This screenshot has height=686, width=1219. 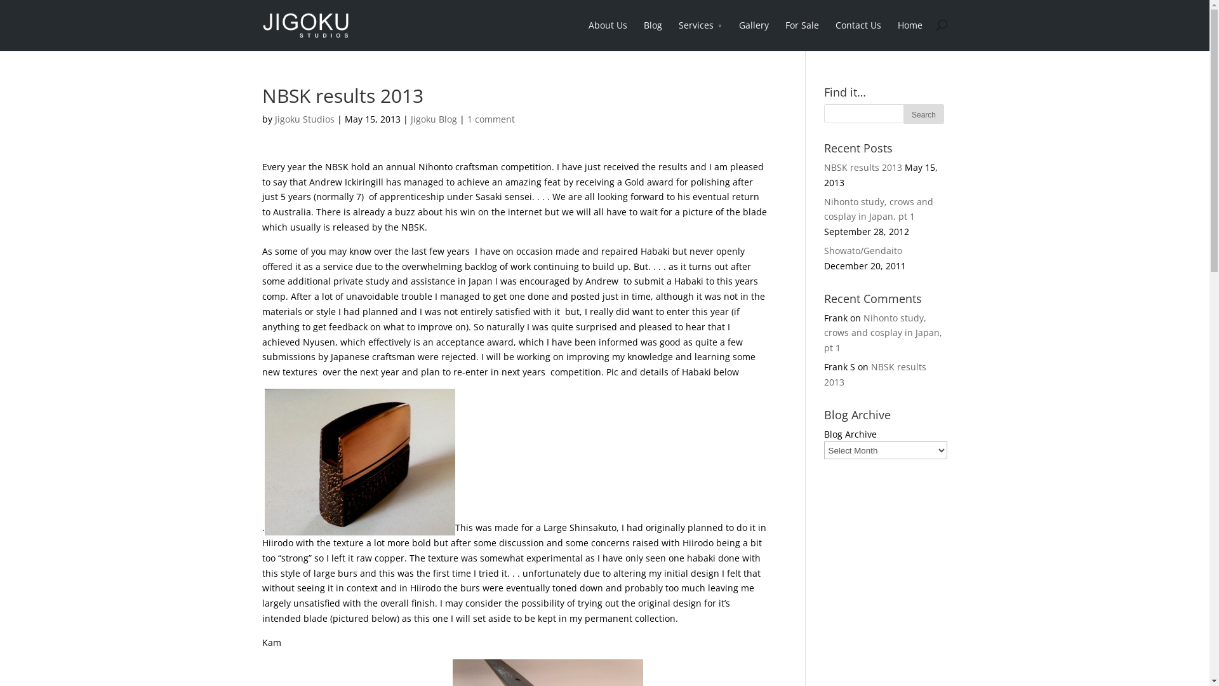 I want to click on 'Services', so click(x=677, y=34).